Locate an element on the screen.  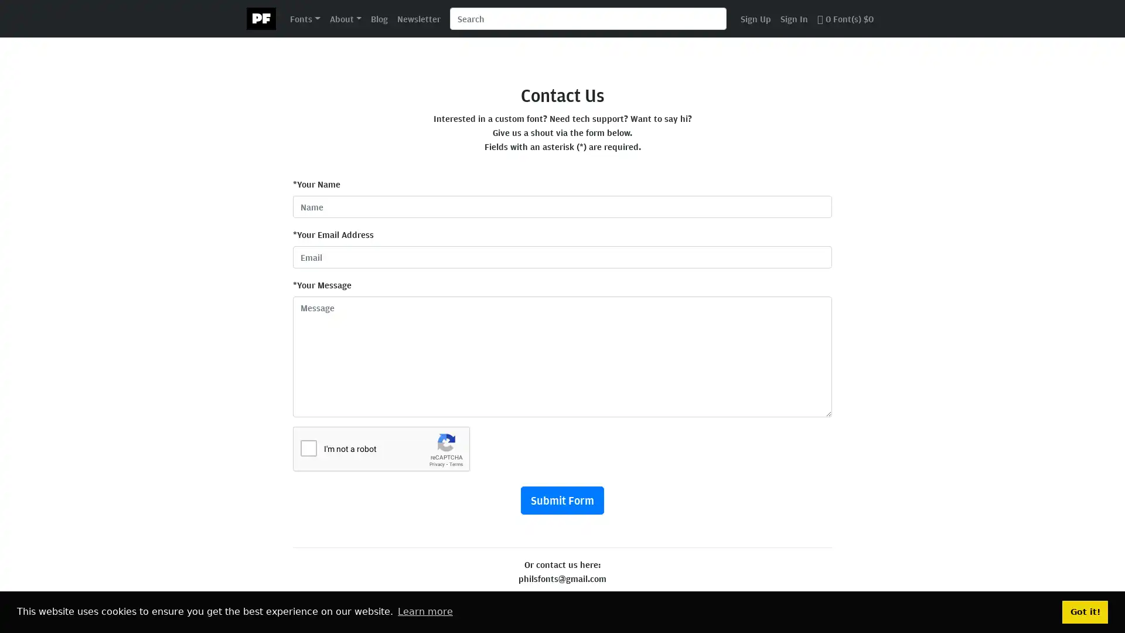
Submit Form is located at coordinates (561, 500).